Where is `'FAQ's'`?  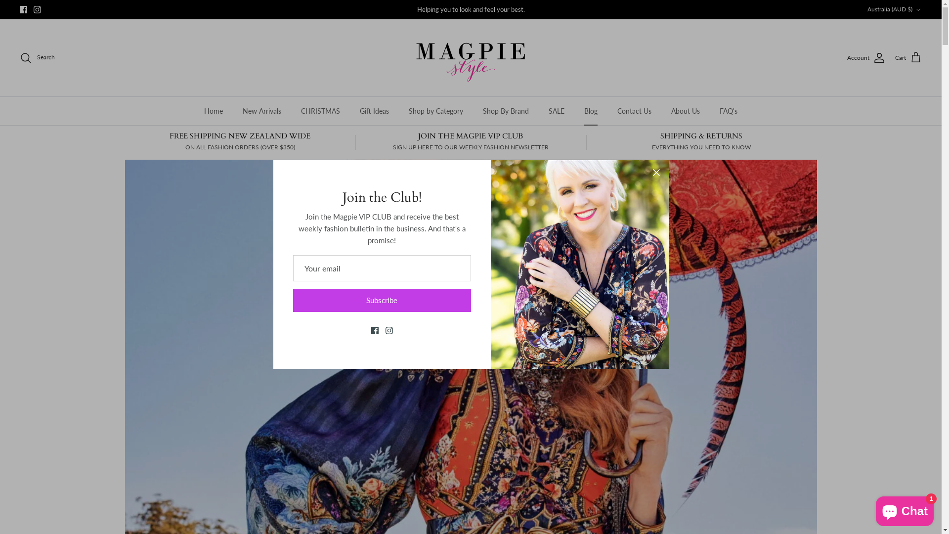
'FAQ's' is located at coordinates (728, 111).